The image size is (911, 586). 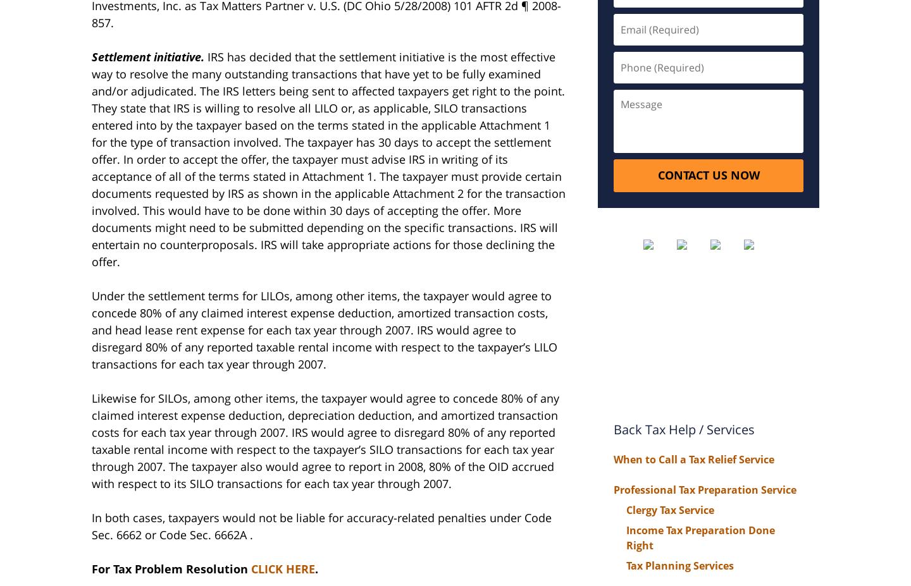 What do you see at coordinates (91, 133) in the screenshot?
I see `'is willing to resolve all LILO or, as applicable, SILO transactions entered into by the taxpayer based on the terms stated in the applicable Attachment 1 for the type of transaction involved. The taxpayer has 30 days to accept the settlement offer. In order to accept the offer, the taxpayer must advise'` at bounding box center [91, 133].